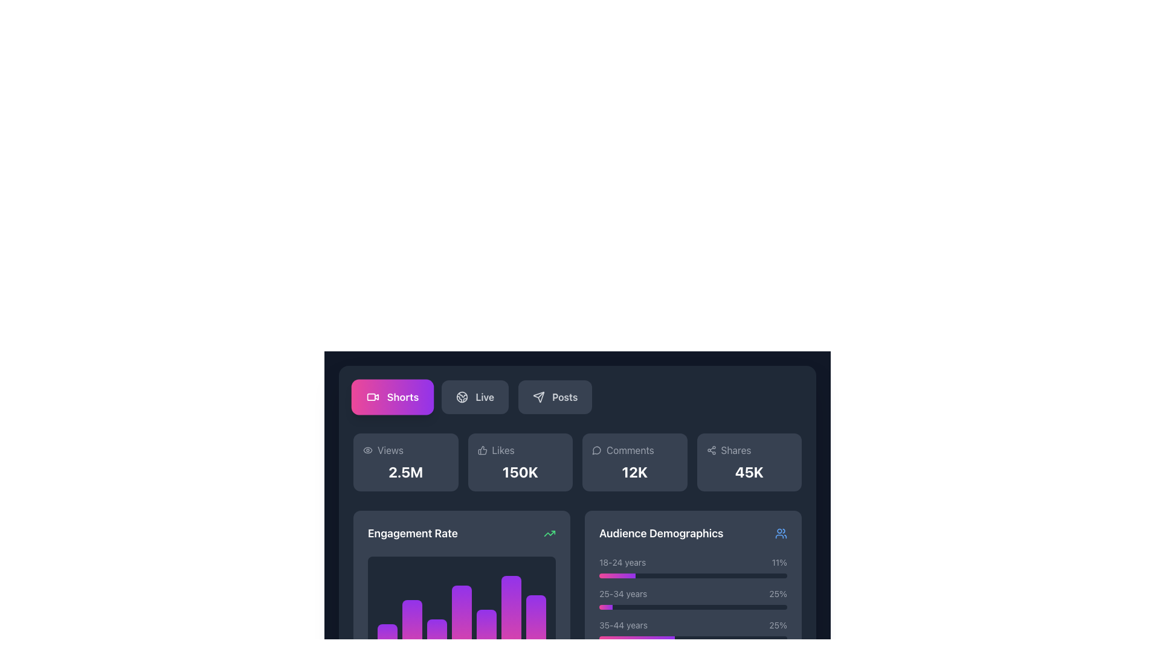 The width and height of the screenshot is (1160, 652). What do you see at coordinates (576, 462) in the screenshot?
I see `the Data Display (Grid Item) showing '12K' comments` at bounding box center [576, 462].